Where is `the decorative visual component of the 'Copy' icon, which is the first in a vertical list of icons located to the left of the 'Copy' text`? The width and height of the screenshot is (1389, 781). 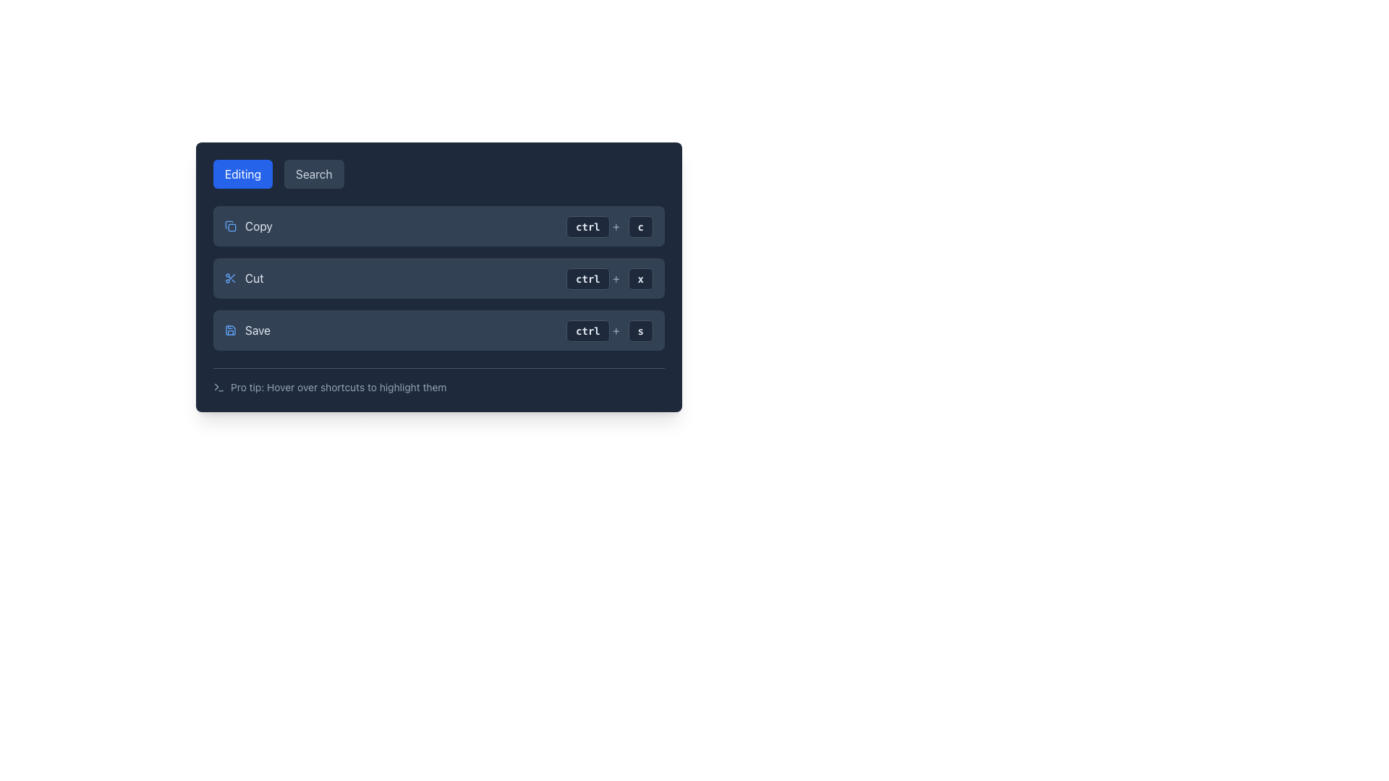
the decorative visual component of the 'Copy' icon, which is the first in a vertical list of icons located to the left of the 'Copy' text is located at coordinates (232, 228).